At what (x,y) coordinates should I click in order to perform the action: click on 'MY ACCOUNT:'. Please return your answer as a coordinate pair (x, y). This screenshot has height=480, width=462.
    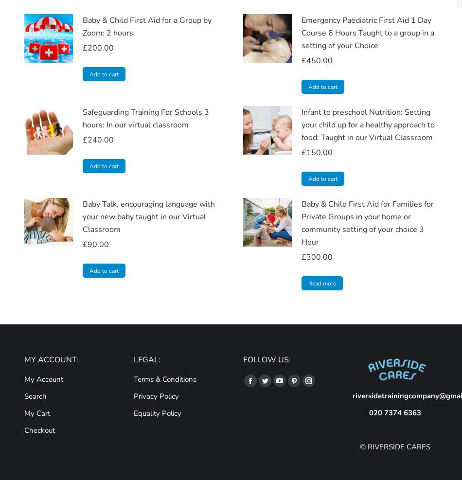
    Looking at the image, I should click on (51, 359).